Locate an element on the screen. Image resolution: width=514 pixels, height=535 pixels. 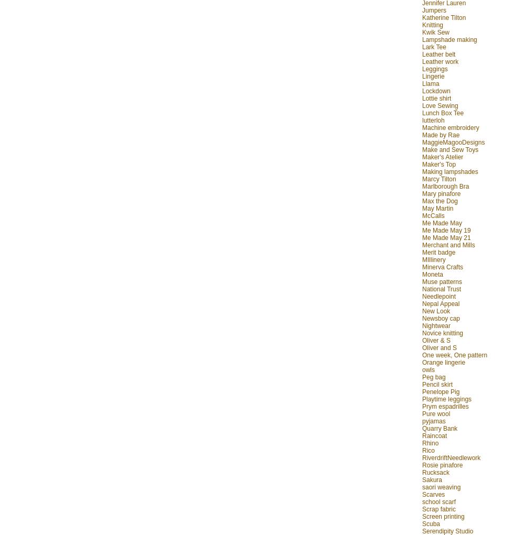
'Knitting' is located at coordinates (432, 24).